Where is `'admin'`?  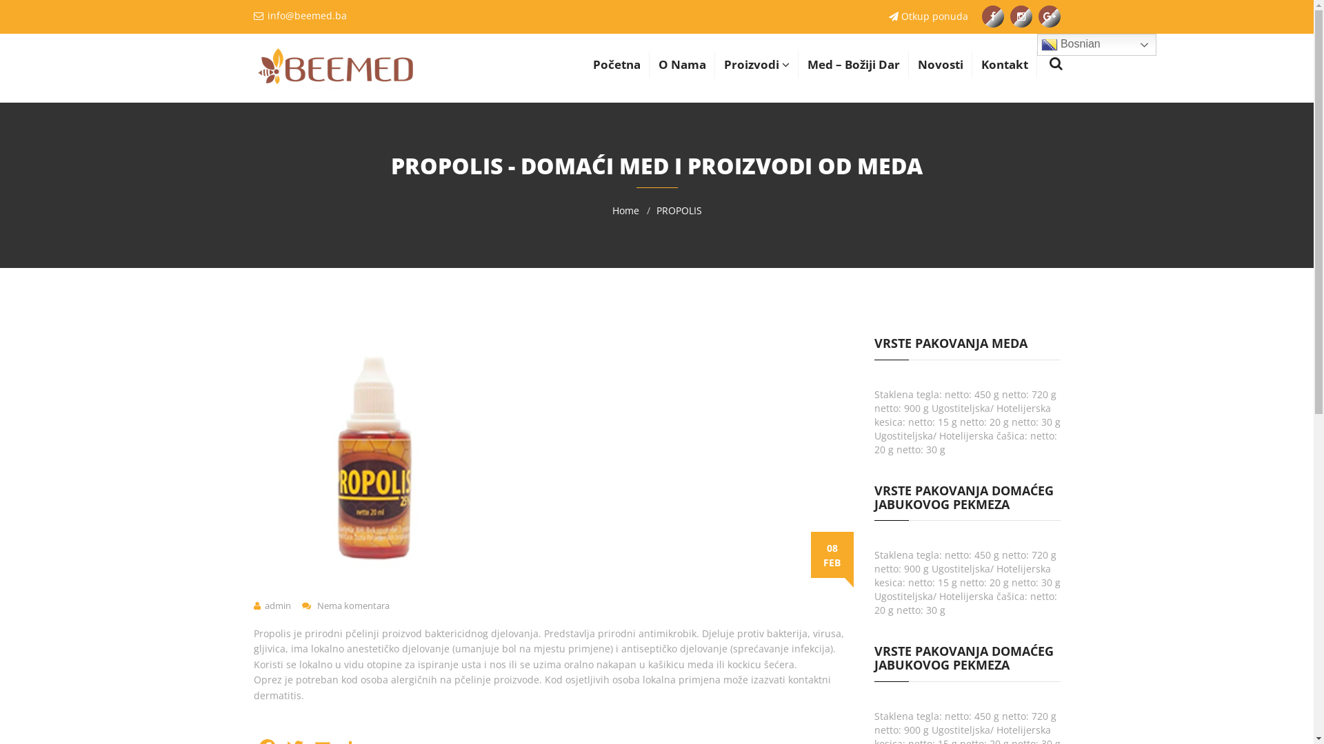
'admin' is located at coordinates (277, 605).